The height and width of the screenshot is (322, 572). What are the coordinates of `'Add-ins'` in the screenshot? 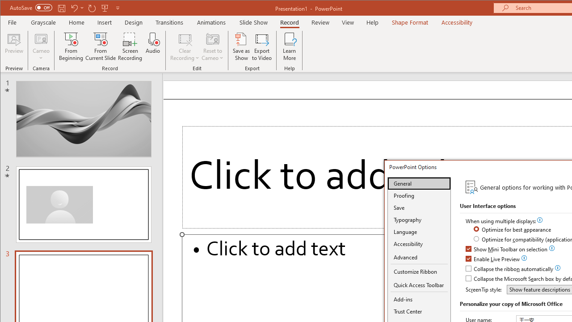 It's located at (419, 299).